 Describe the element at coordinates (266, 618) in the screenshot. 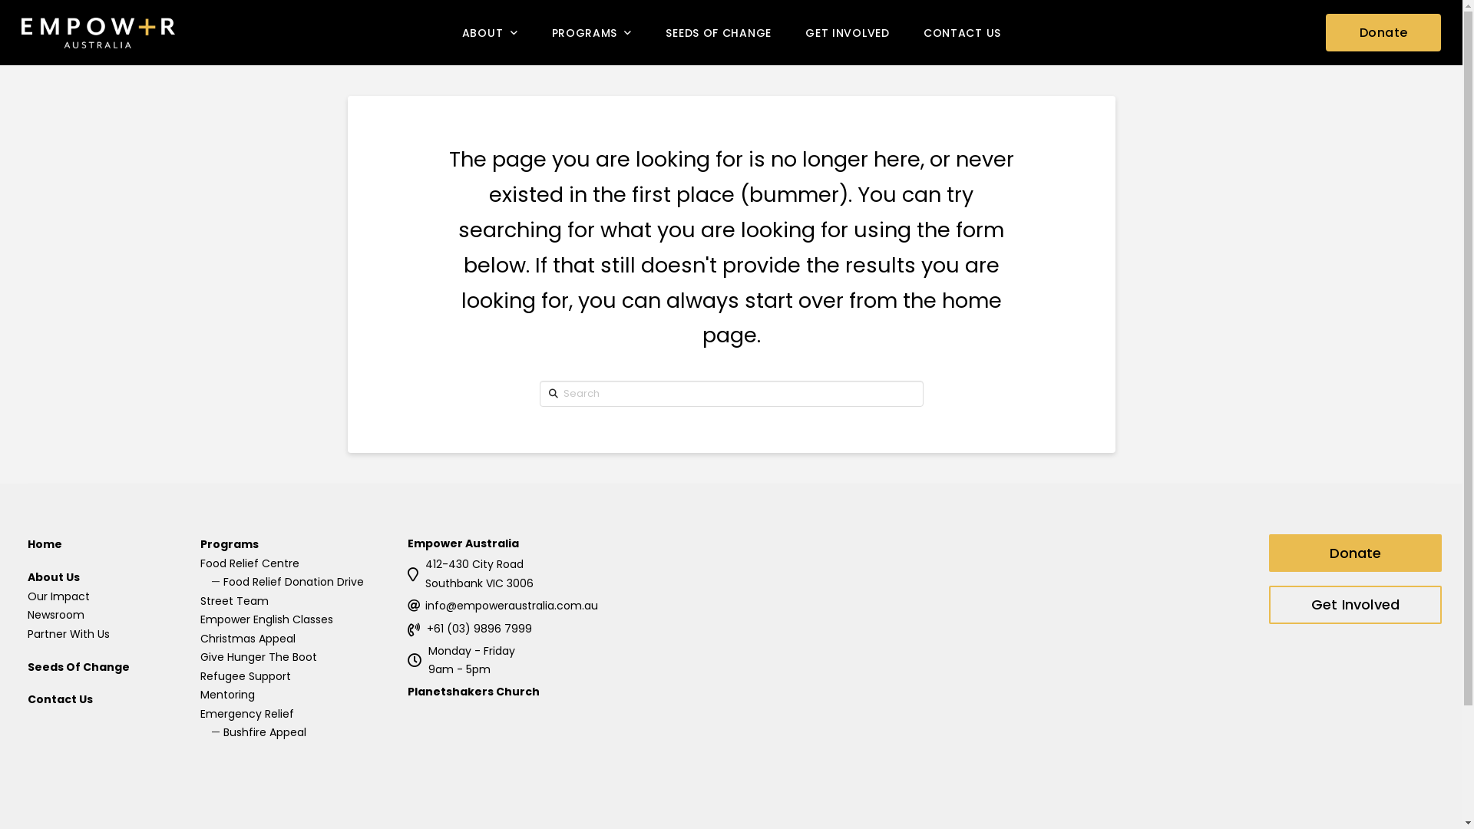

I see `'Empower English Classes'` at that location.